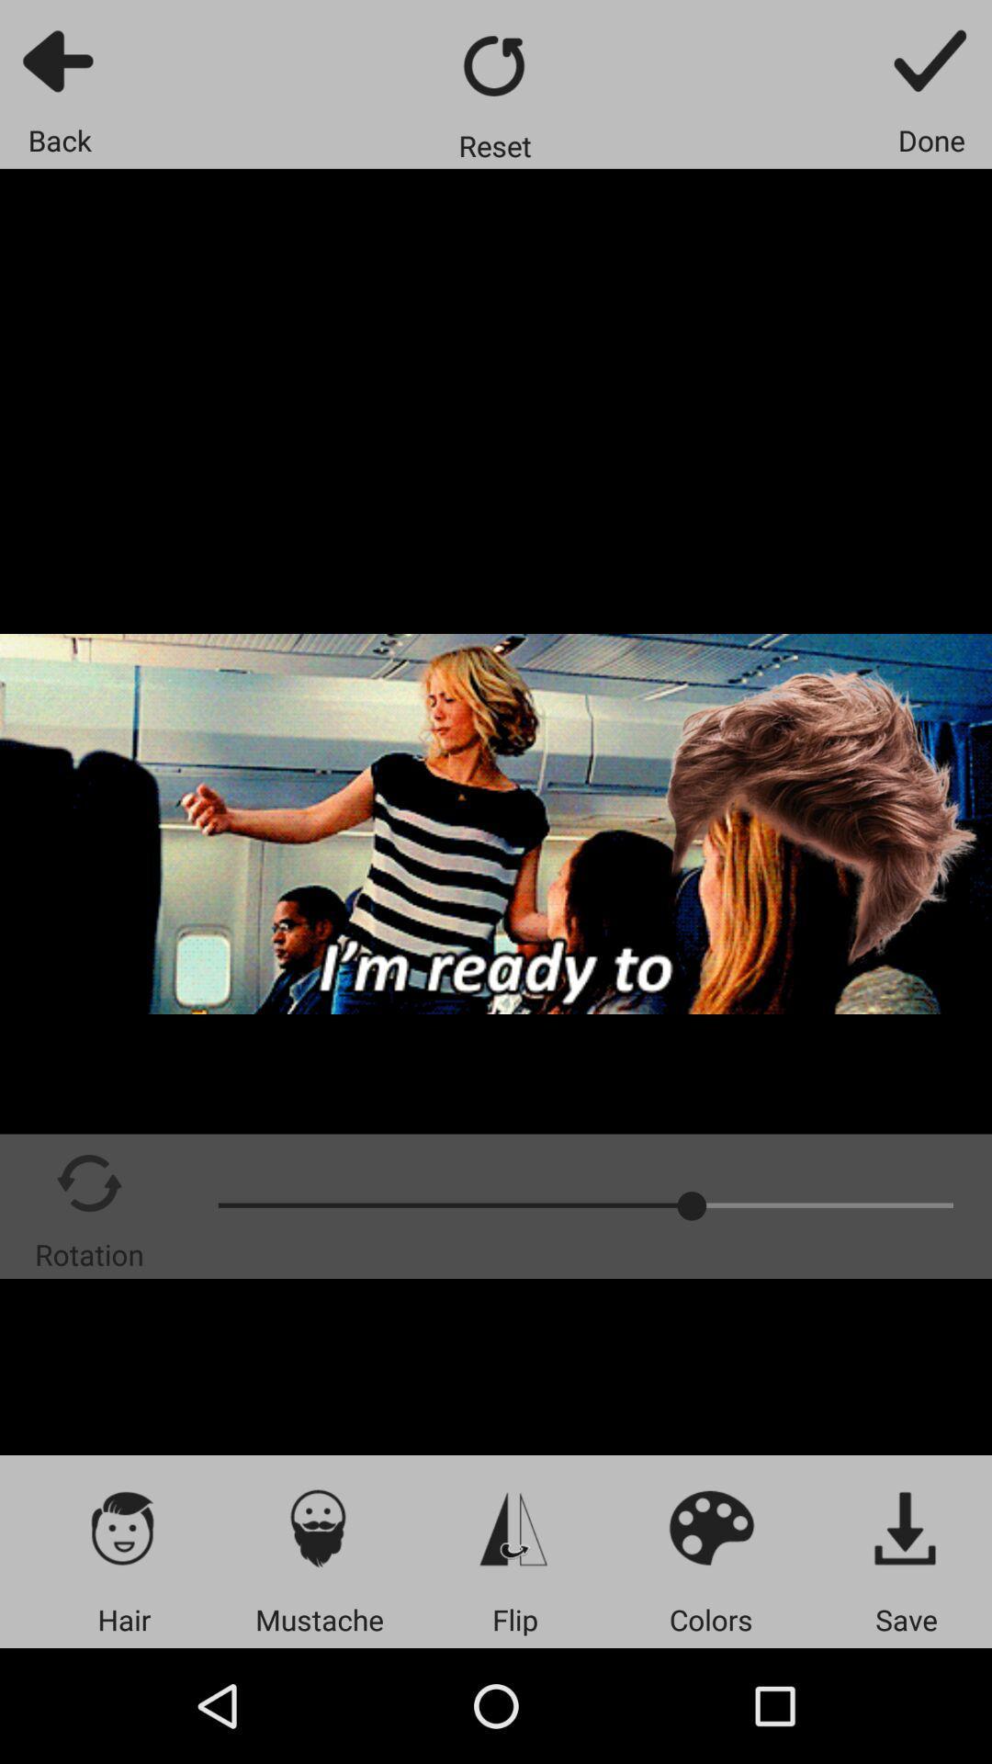  I want to click on flip image, so click(514, 1527).